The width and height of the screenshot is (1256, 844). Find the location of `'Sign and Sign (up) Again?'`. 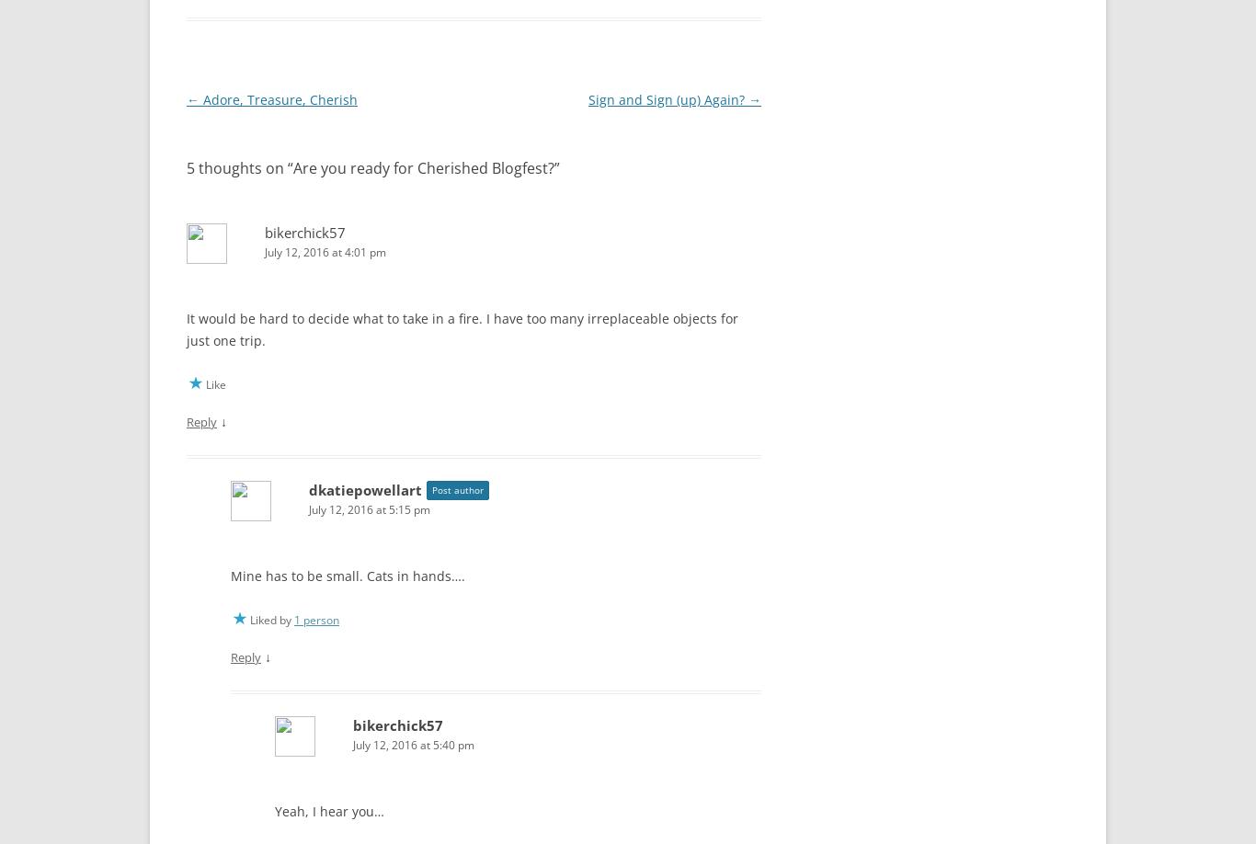

'Sign and Sign (up) Again?' is located at coordinates (587, 94).